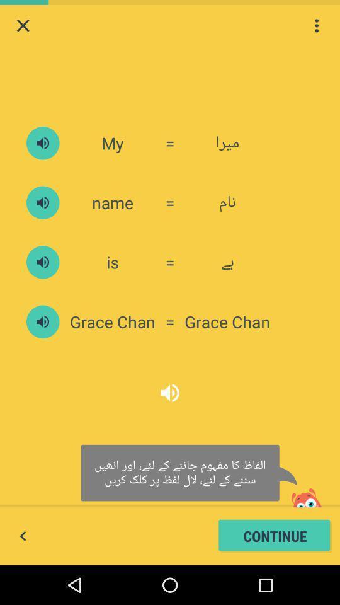 This screenshot has width=340, height=605. What do you see at coordinates (42, 344) in the screenshot?
I see `the volume icon` at bounding box center [42, 344].